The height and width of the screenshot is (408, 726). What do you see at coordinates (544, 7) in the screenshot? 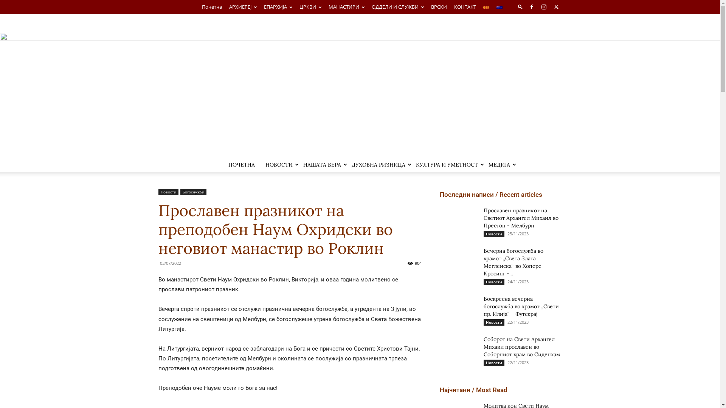
I see `'Instagram'` at bounding box center [544, 7].